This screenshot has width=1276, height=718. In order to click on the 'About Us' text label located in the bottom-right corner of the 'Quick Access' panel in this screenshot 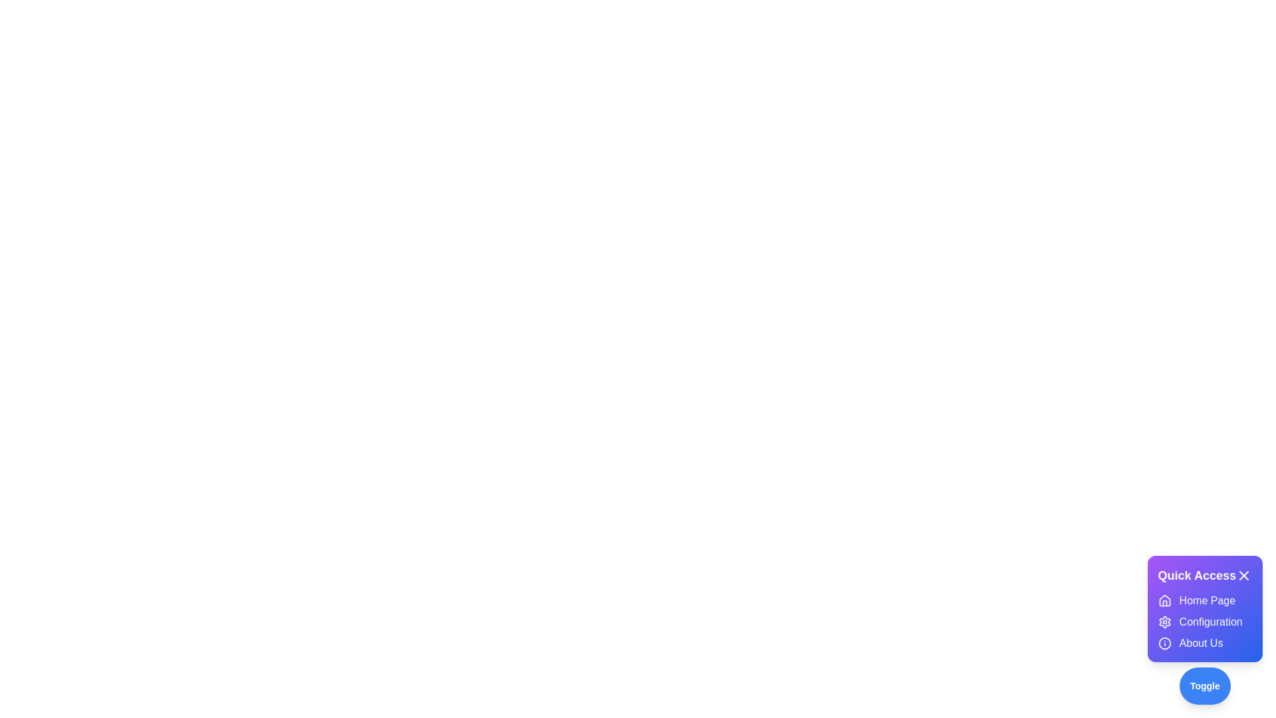, I will do `click(1201, 643)`.